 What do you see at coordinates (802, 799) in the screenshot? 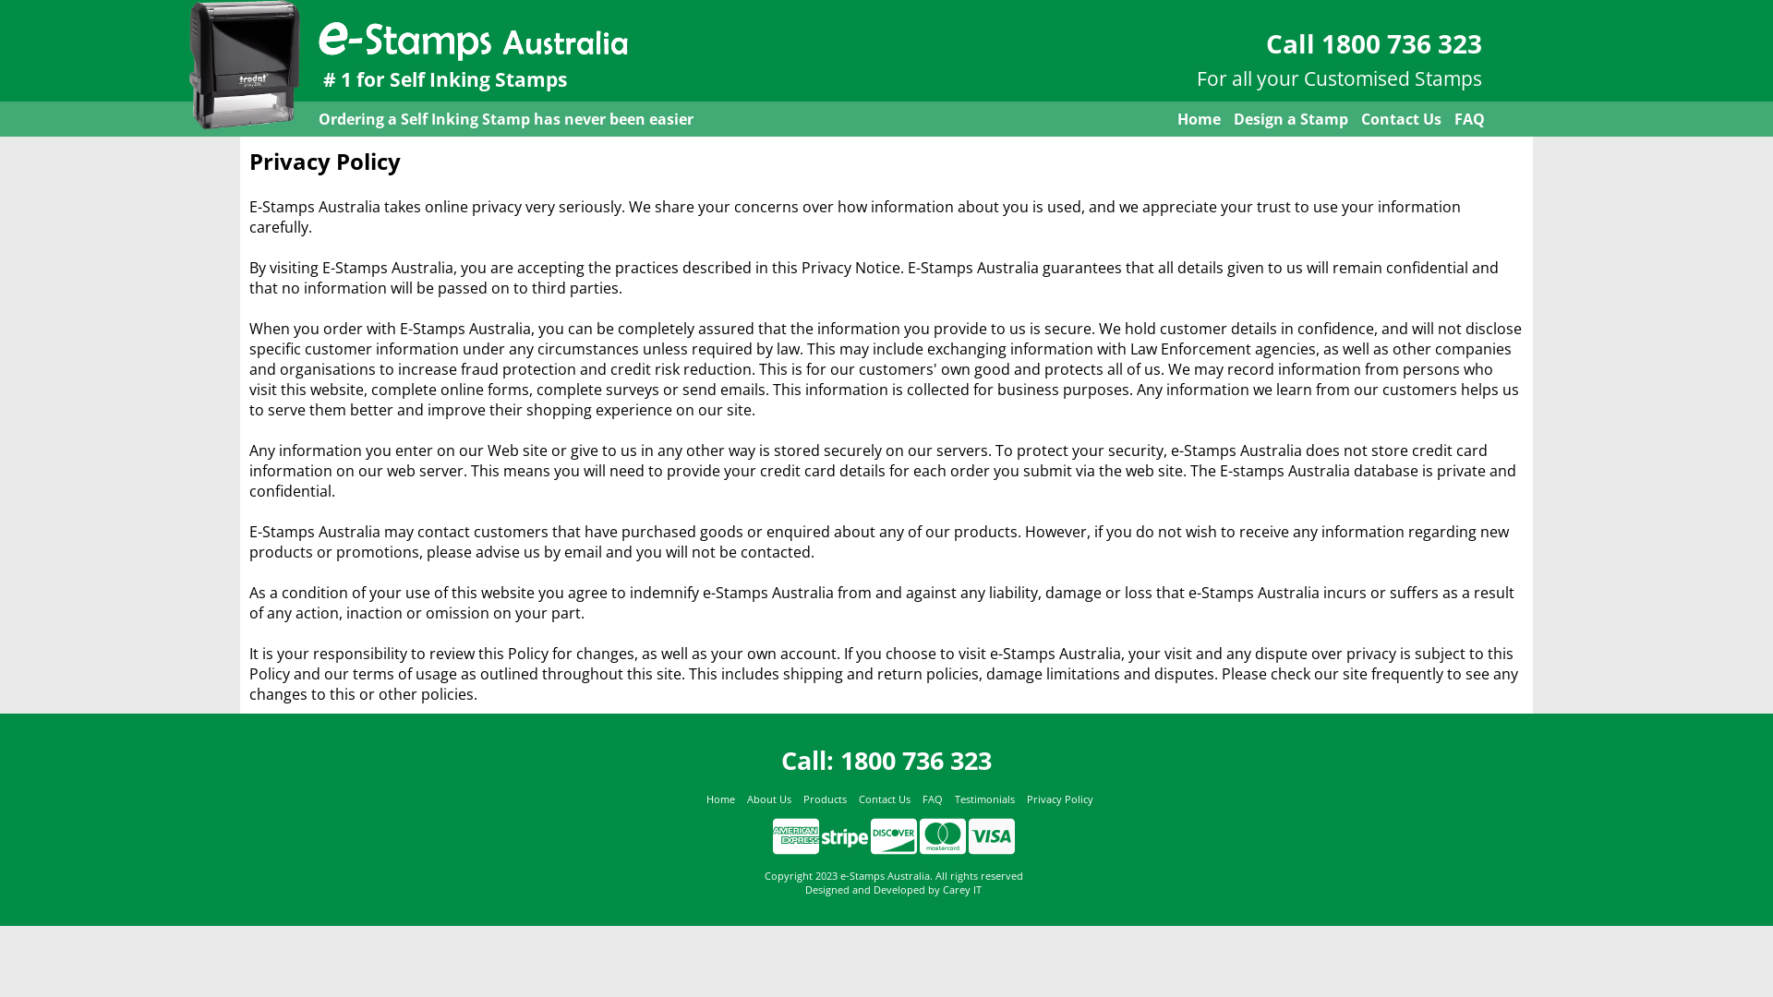
I see `'Products'` at bounding box center [802, 799].